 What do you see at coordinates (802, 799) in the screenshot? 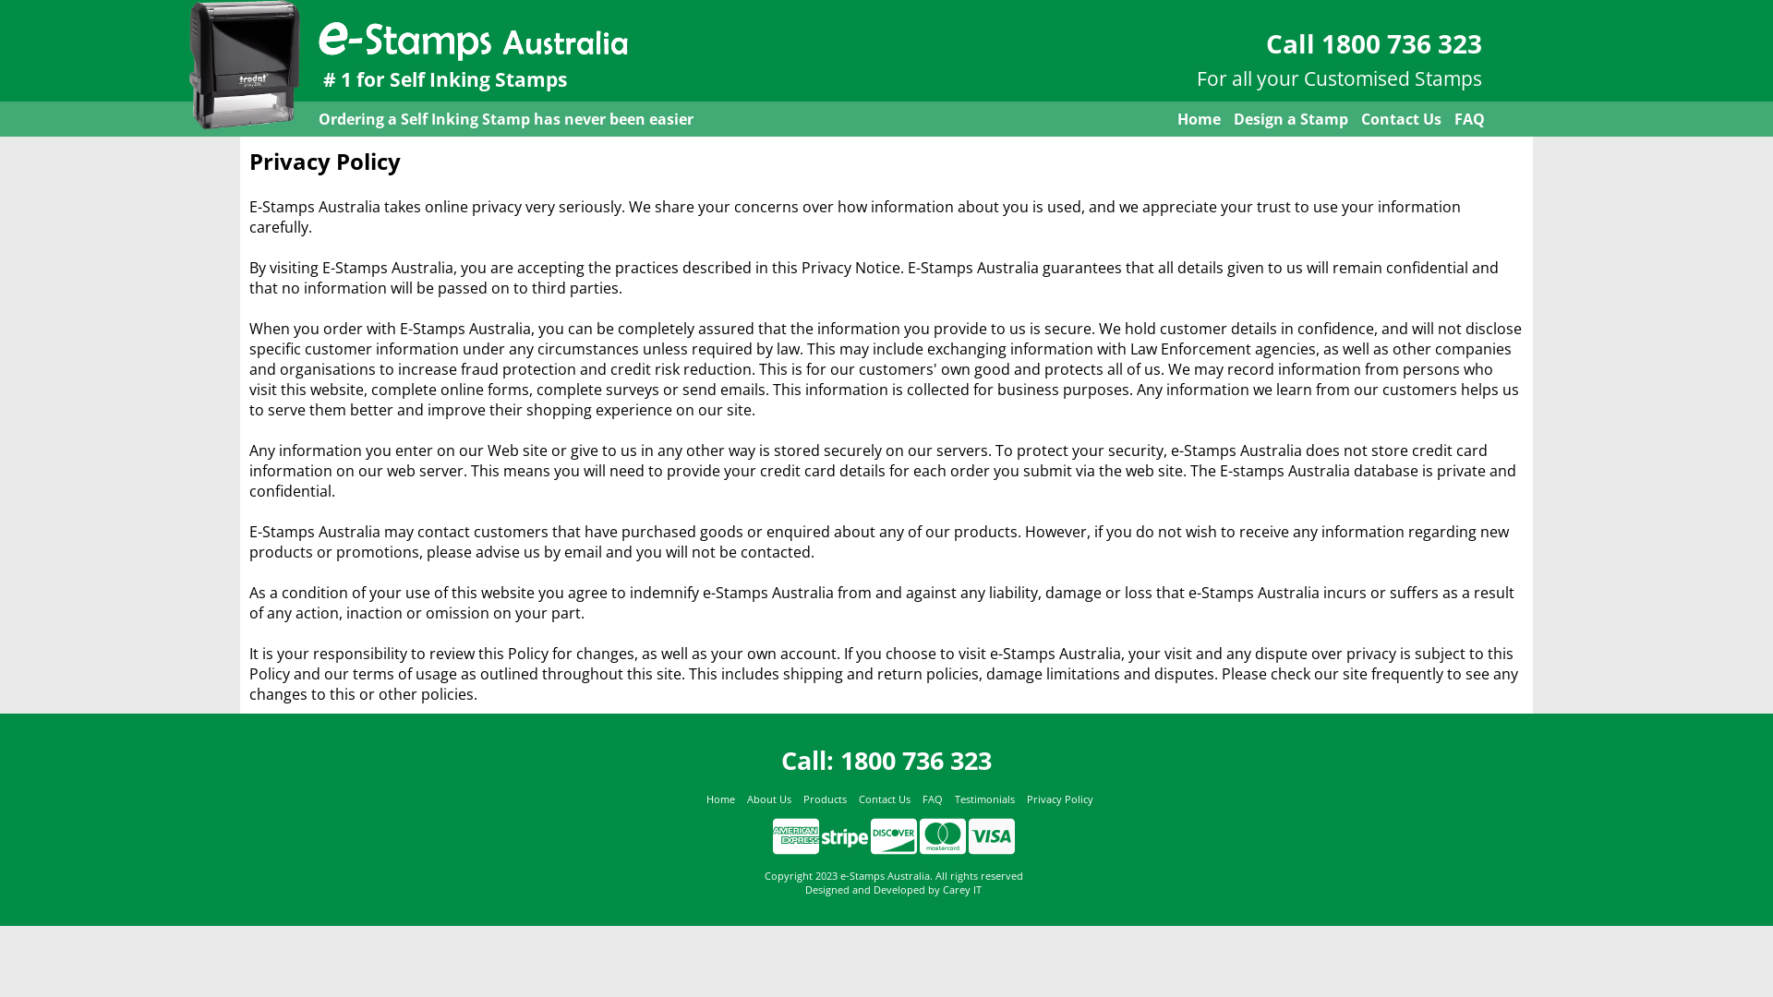
I see `'Products'` at bounding box center [802, 799].